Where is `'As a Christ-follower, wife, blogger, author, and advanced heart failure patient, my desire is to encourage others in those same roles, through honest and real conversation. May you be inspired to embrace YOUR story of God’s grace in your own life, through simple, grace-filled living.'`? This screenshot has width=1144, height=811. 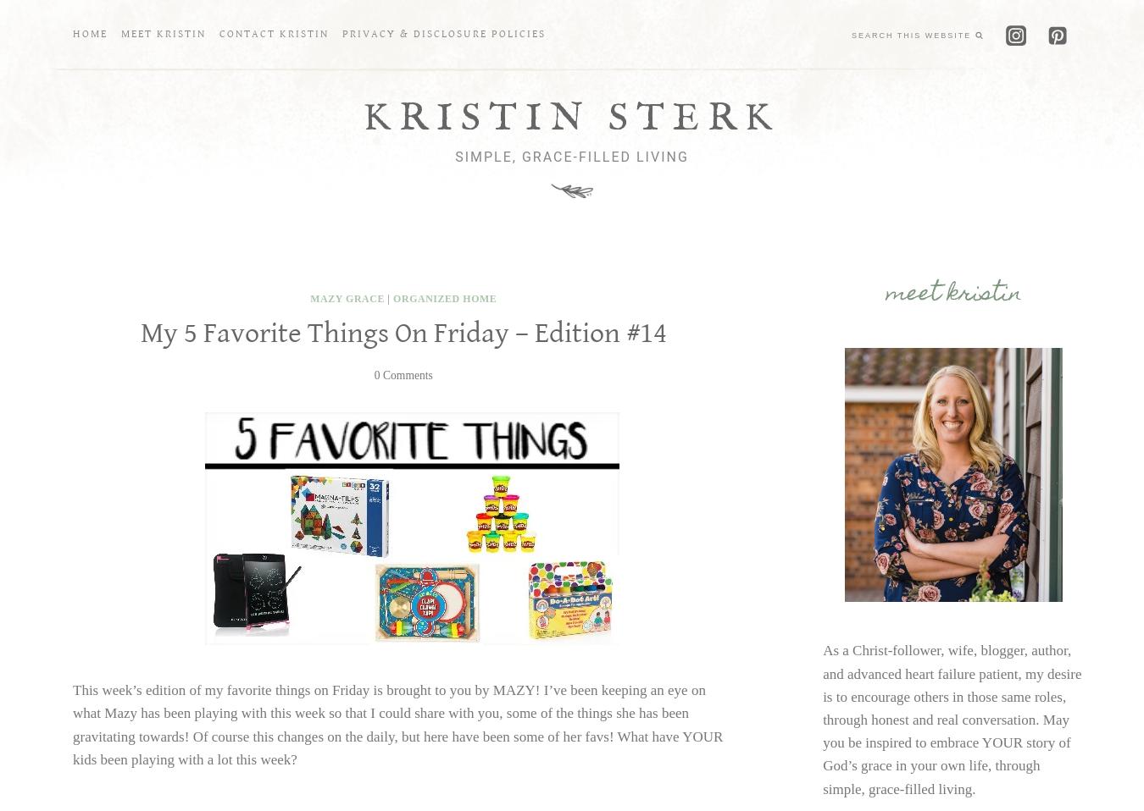
'As a Christ-follower, wife, blogger, author, and advanced heart failure patient, my desire is to encourage others in those same roles, through honest and real conversation. May you be inspired to embrace YOUR story of God’s grace in your own life, through simple, grace-filled living.' is located at coordinates (952, 719).